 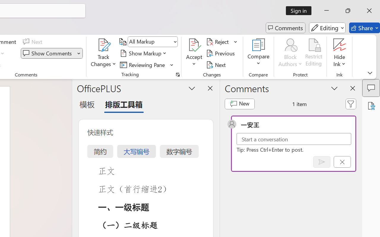 I want to click on 'Accessibility Assistant', so click(x=370, y=106).